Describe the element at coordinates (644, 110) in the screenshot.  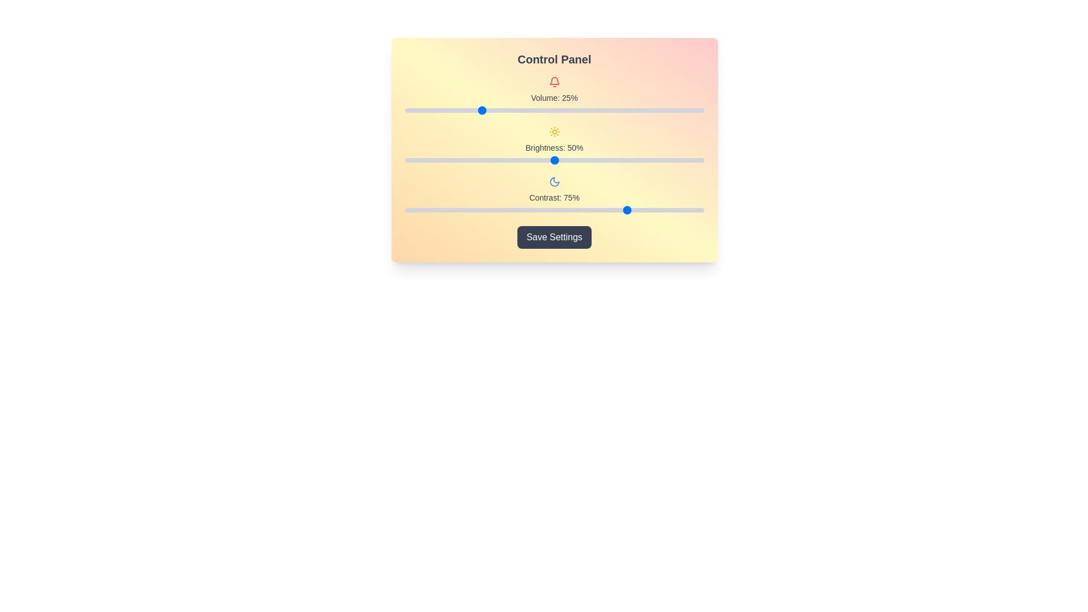
I see `the volume` at that location.